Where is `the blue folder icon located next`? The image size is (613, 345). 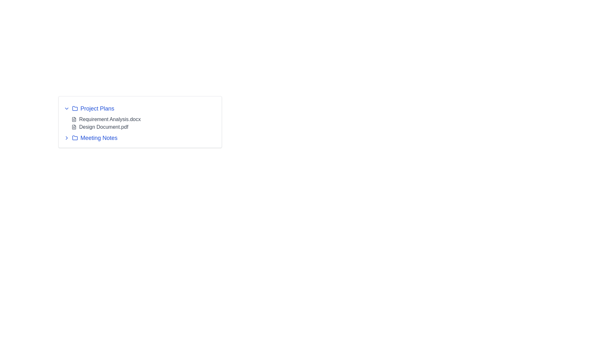 the blue folder icon located next is located at coordinates (75, 108).